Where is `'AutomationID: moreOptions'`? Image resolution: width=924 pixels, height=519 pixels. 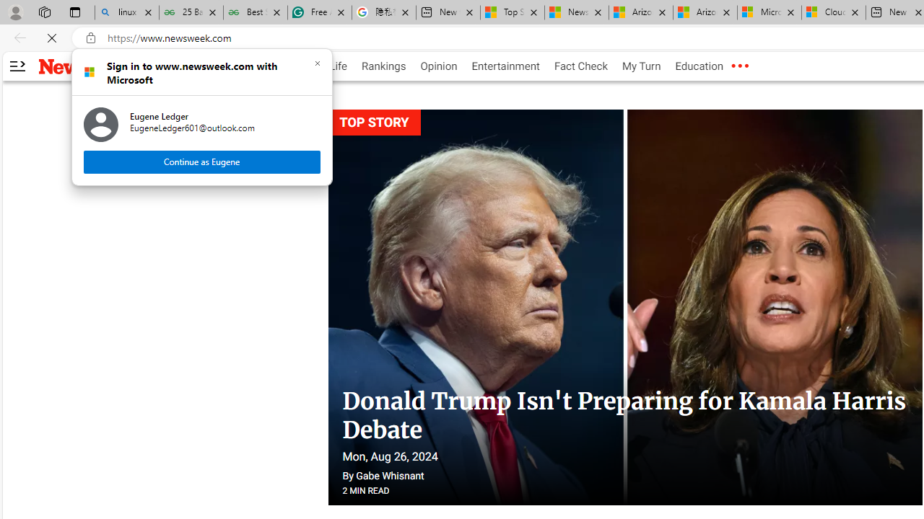
'AutomationID: moreOptions' is located at coordinates (739, 66).